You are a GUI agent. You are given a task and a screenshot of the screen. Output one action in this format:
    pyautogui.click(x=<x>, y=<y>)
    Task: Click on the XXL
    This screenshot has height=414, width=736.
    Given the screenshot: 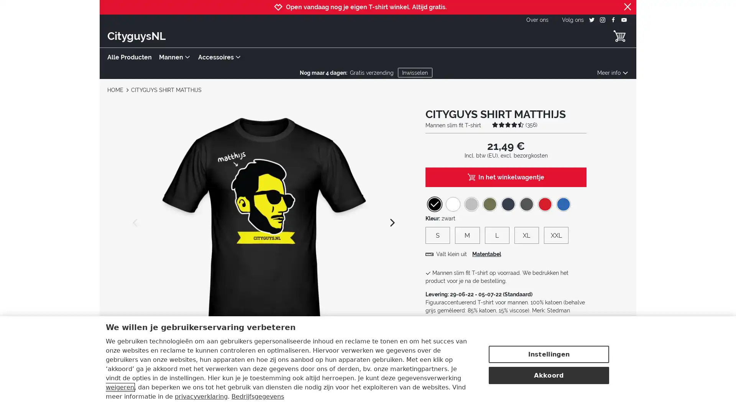 What is the action you would take?
    pyautogui.click(x=556, y=235)
    